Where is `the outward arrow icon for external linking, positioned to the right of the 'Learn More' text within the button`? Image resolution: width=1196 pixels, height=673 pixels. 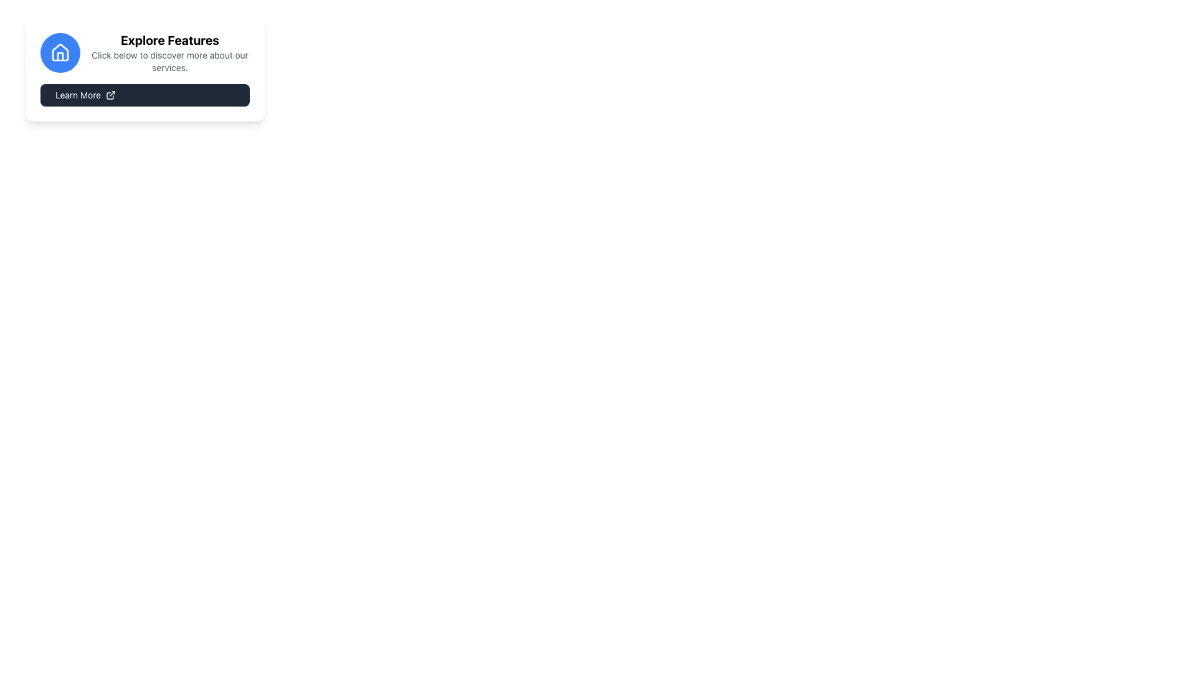 the outward arrow icon for external linking, positioned to the right of the 'Learn More' text within the button is located at coordinates (110, 95).